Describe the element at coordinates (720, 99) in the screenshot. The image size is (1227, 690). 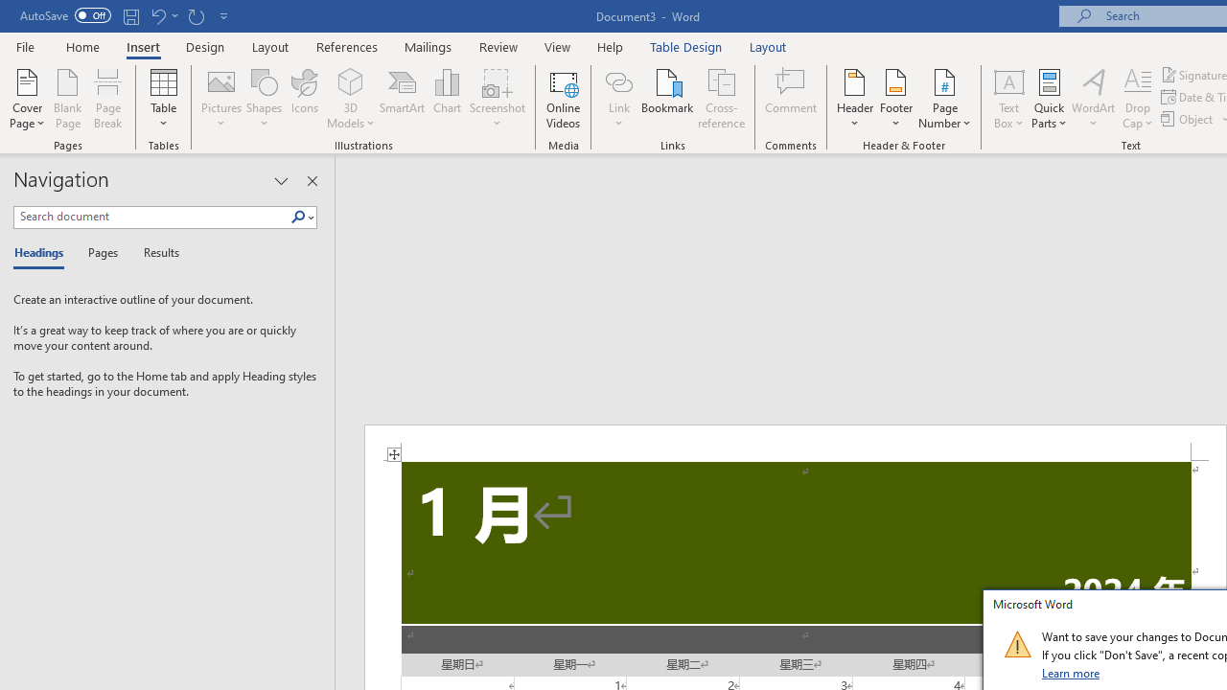
I see `'Cross-reference...'` at that location.